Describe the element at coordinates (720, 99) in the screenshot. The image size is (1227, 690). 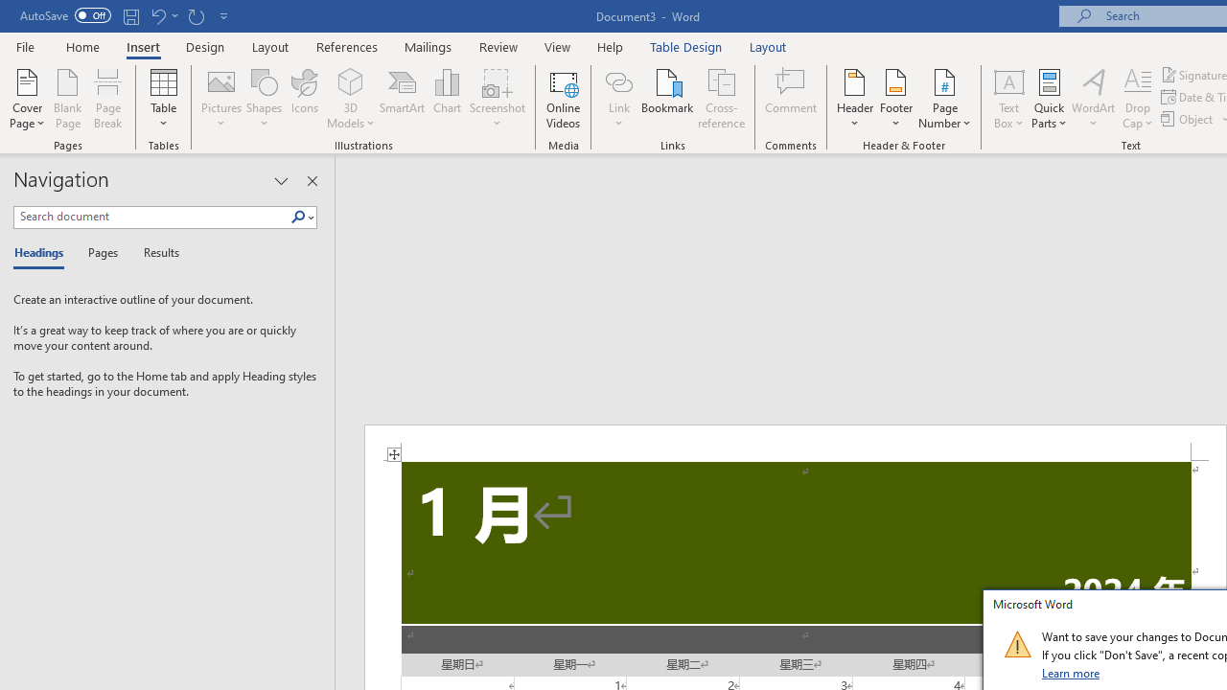
I see `'Cross-reference...'` at that location.